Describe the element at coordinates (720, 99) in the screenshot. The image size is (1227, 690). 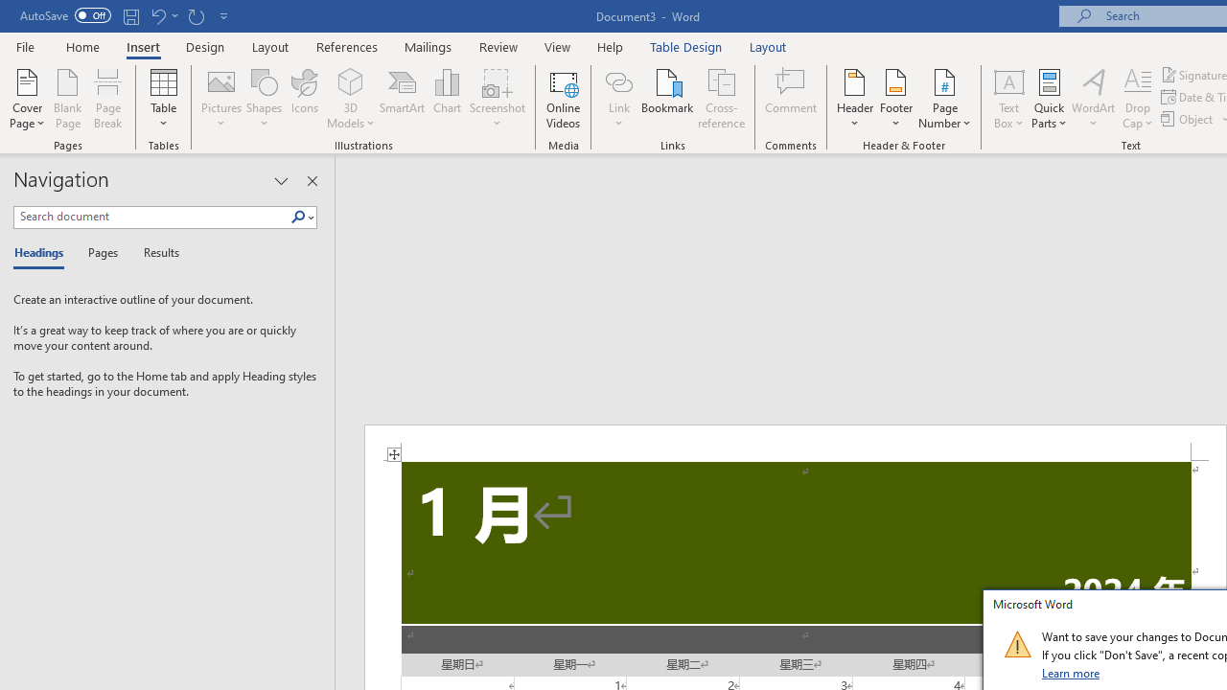
I see `'Cross-reference...'` at that location.